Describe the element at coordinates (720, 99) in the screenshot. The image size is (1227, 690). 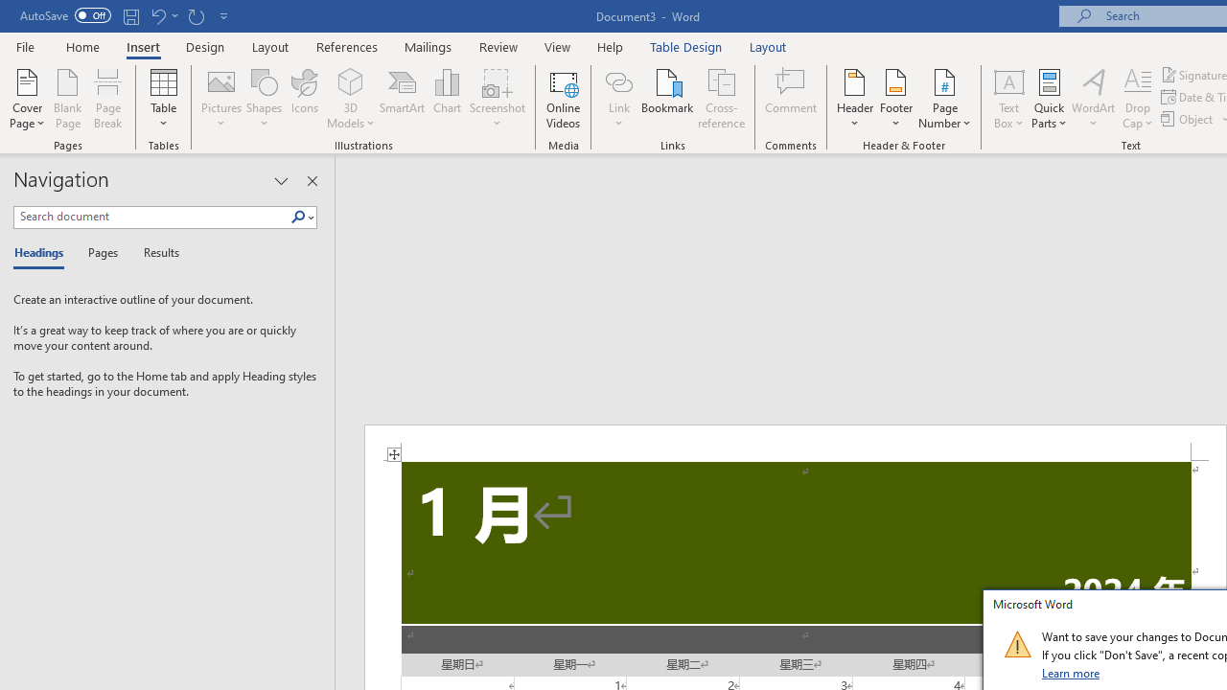
I see `'Cross-reference...'` at that location.